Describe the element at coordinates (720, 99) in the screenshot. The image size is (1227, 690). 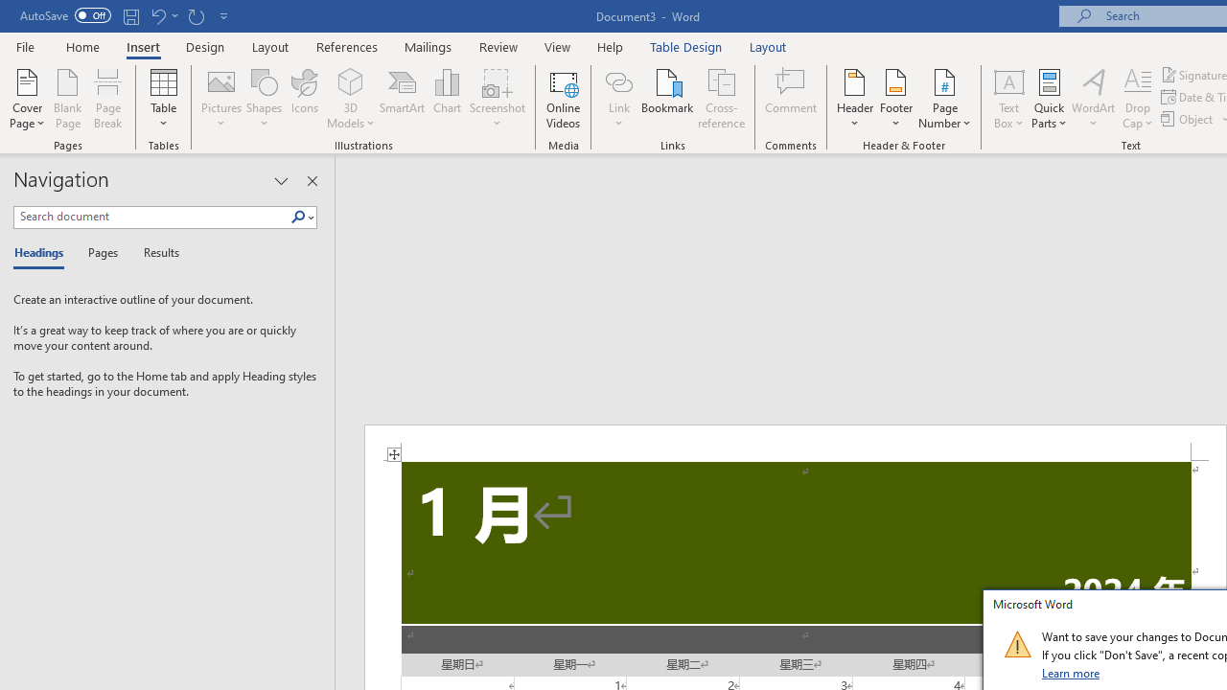
I see `'Cross-reference...'` at that location.